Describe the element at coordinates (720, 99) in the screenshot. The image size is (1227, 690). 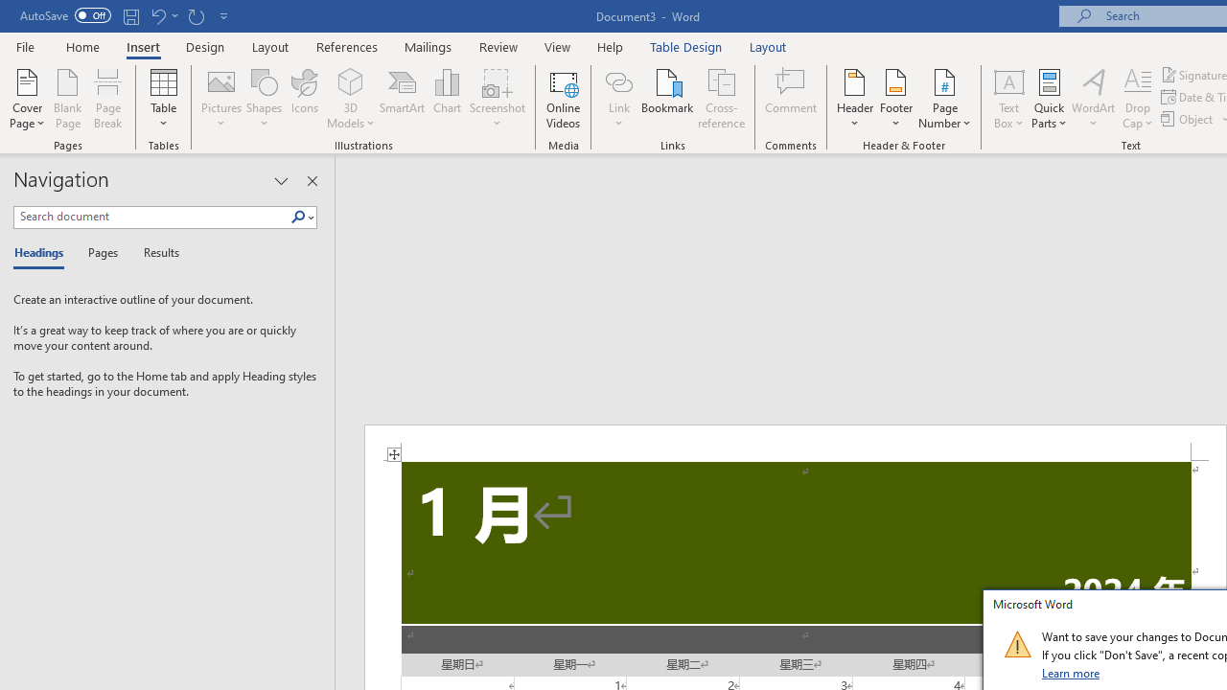
I see `'Cross-reference...'` at that location.